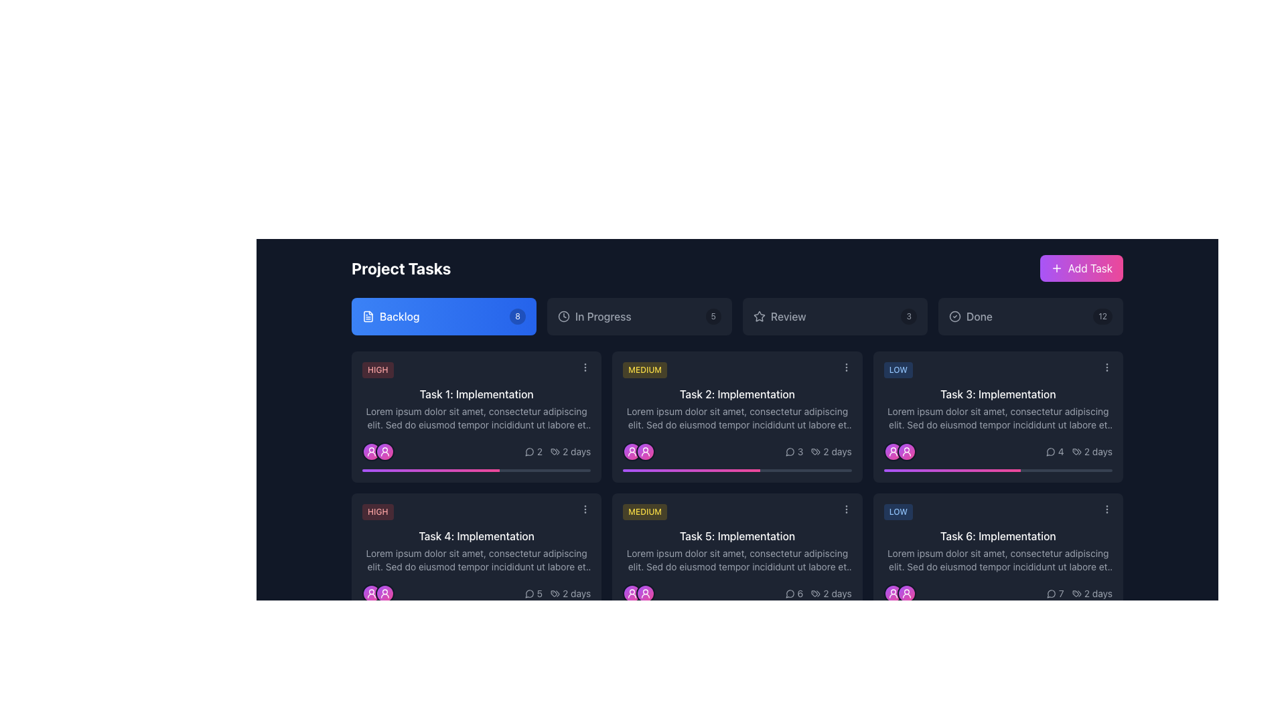  I want to click on displayed text '2 days' from the text label located at the bottom right corner of the task card, styled in gray and accompanied by a tag icon, so click(1092, 593).